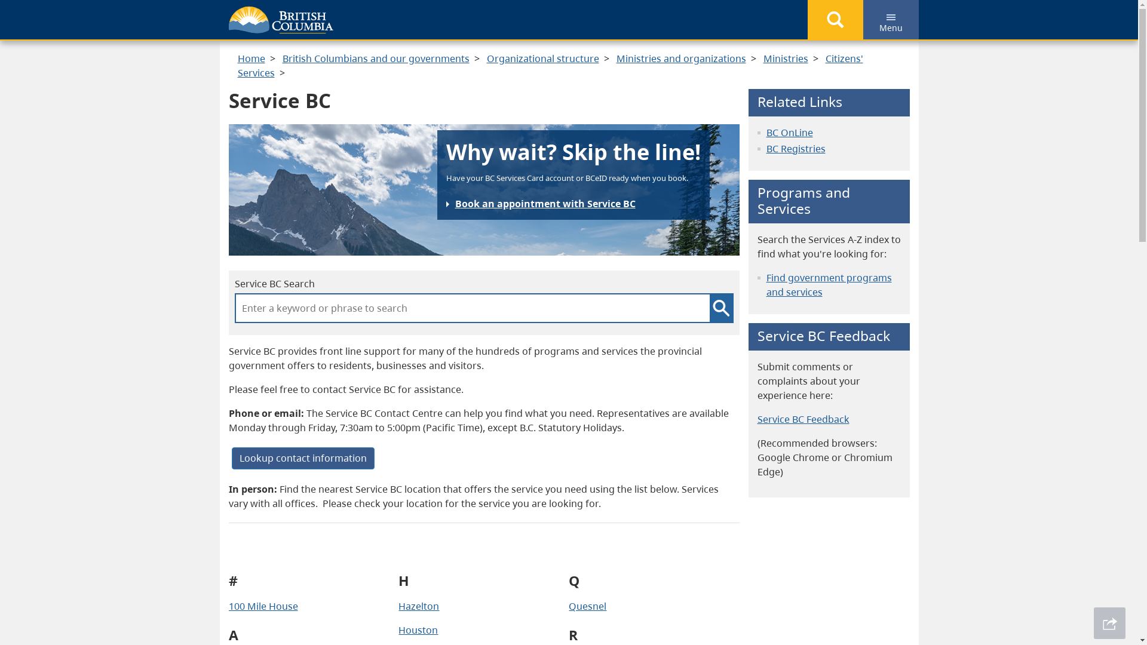  I want to click on 'Share This Page', so click(1109, 622).